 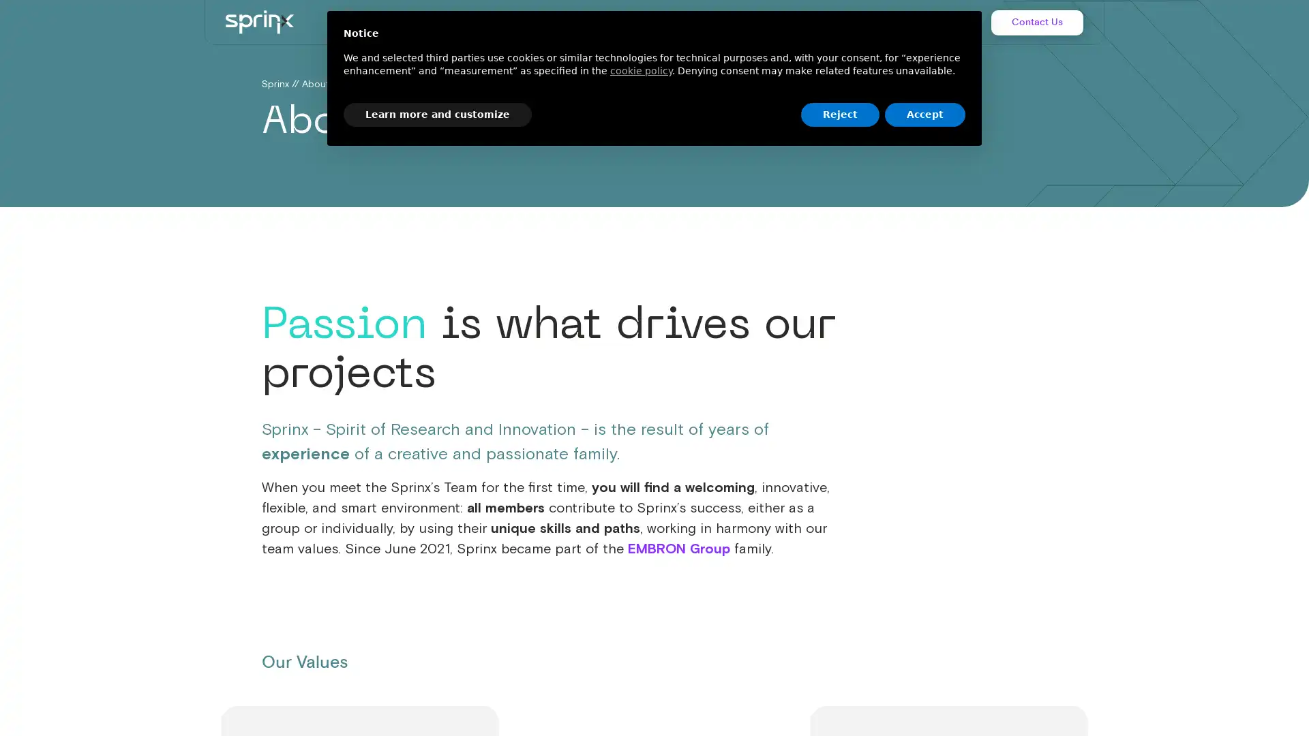 What do you see at coordinates (925, 114) in the screenshot?
I see `Accept` at bounding box center [925, 114].